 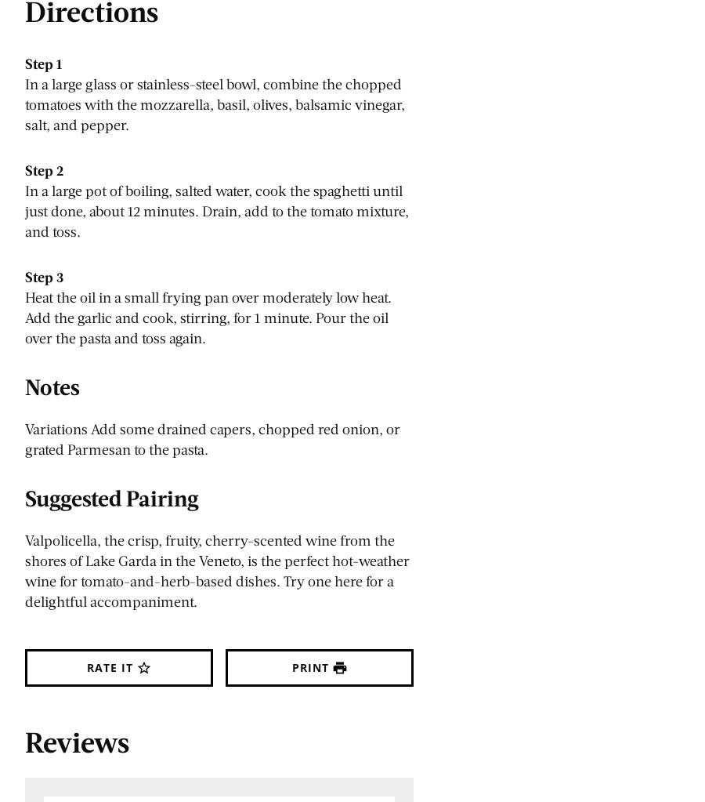 What do you see at coordinates (24, 318) in the screenshot?
I see `'Heat the oil in a small frying pan over moderately low heat. Add the garlic and cook, stirring, for 1 minute. Pour the oil over the pasta and toss again.'` at bounding box center [24, 318].